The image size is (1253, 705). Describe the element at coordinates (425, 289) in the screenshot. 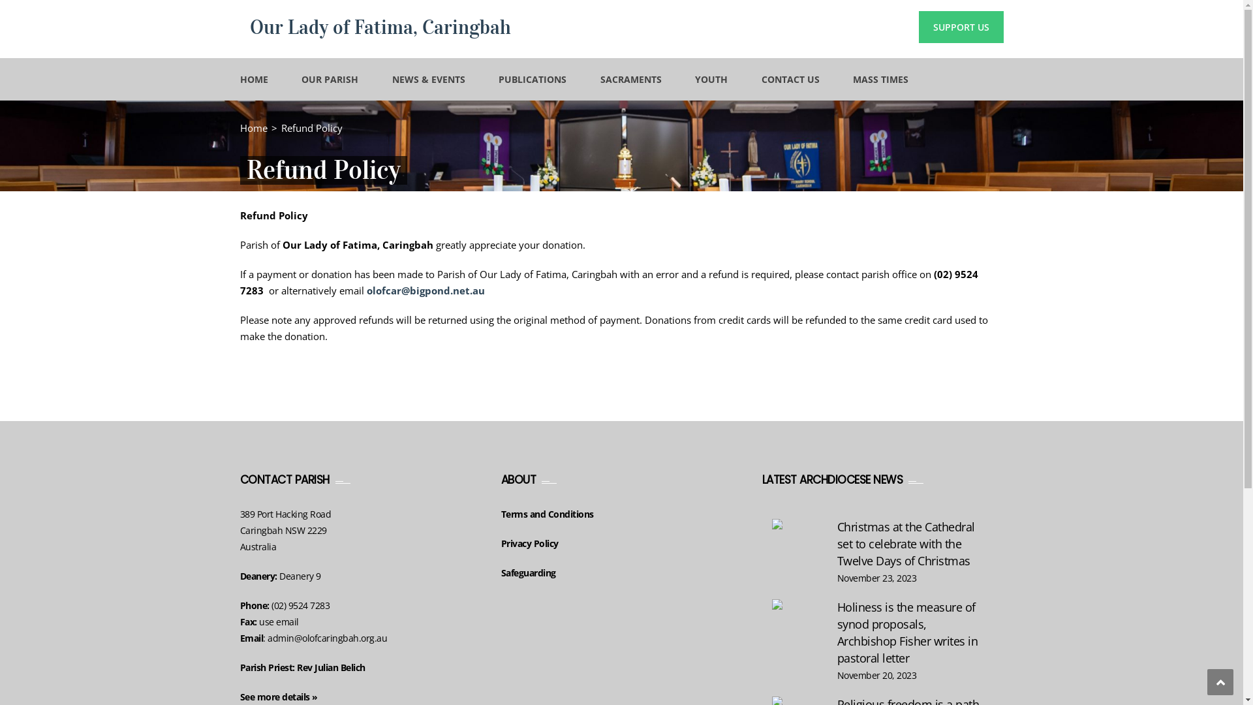

I see `'olofcar@bigpond.net.au'` at that location.